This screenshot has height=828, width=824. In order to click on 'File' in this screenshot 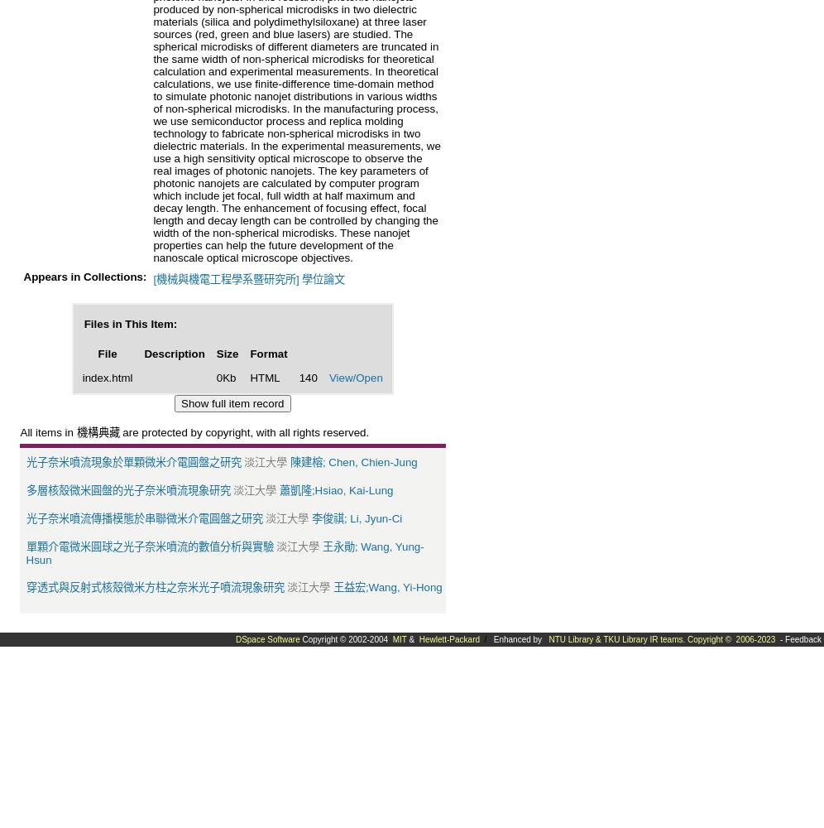, I will do `click(106, 354)`.